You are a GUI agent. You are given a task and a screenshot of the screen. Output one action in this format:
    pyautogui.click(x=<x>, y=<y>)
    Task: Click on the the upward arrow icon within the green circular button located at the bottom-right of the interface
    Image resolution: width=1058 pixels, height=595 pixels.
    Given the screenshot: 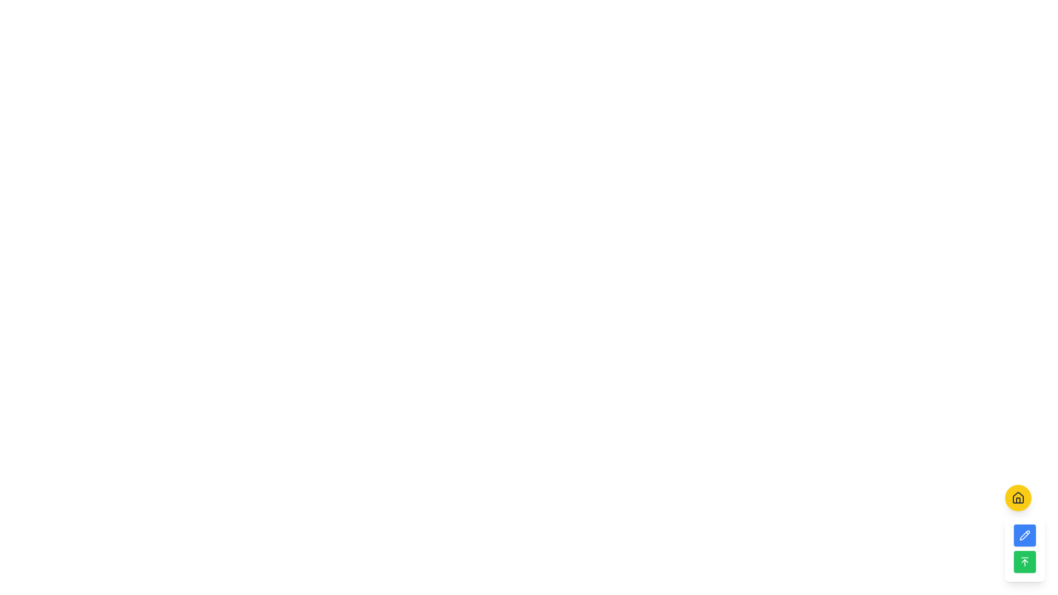 What is the action you would take?
    pyautogui.click(x=1024, y=561)
    